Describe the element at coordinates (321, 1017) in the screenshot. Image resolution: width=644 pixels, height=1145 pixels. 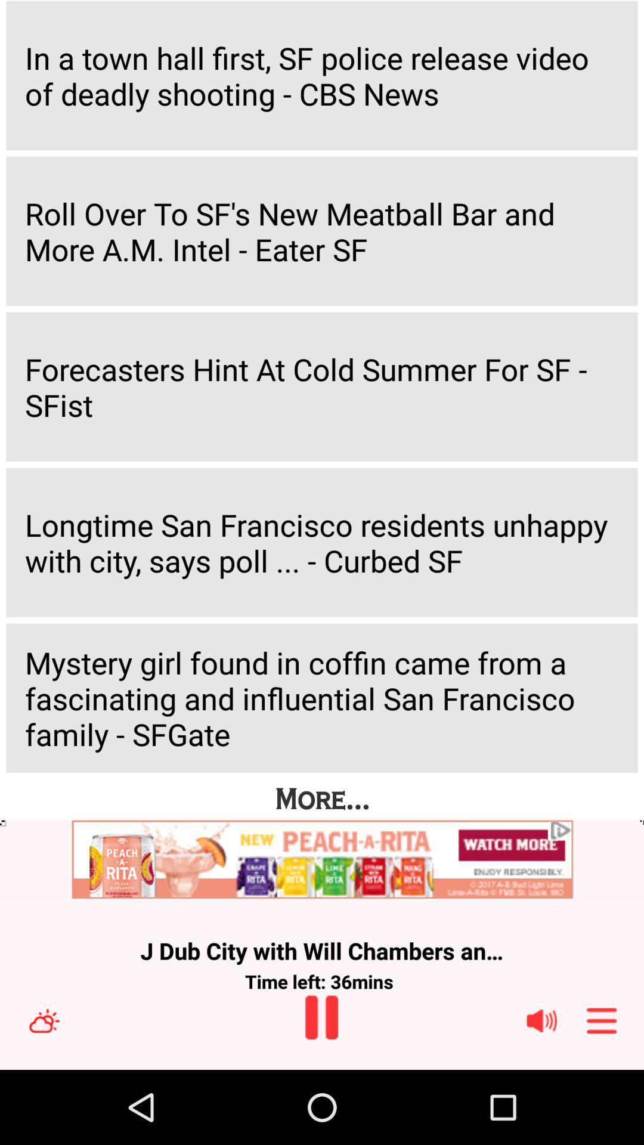
I see `stop song` at that location.